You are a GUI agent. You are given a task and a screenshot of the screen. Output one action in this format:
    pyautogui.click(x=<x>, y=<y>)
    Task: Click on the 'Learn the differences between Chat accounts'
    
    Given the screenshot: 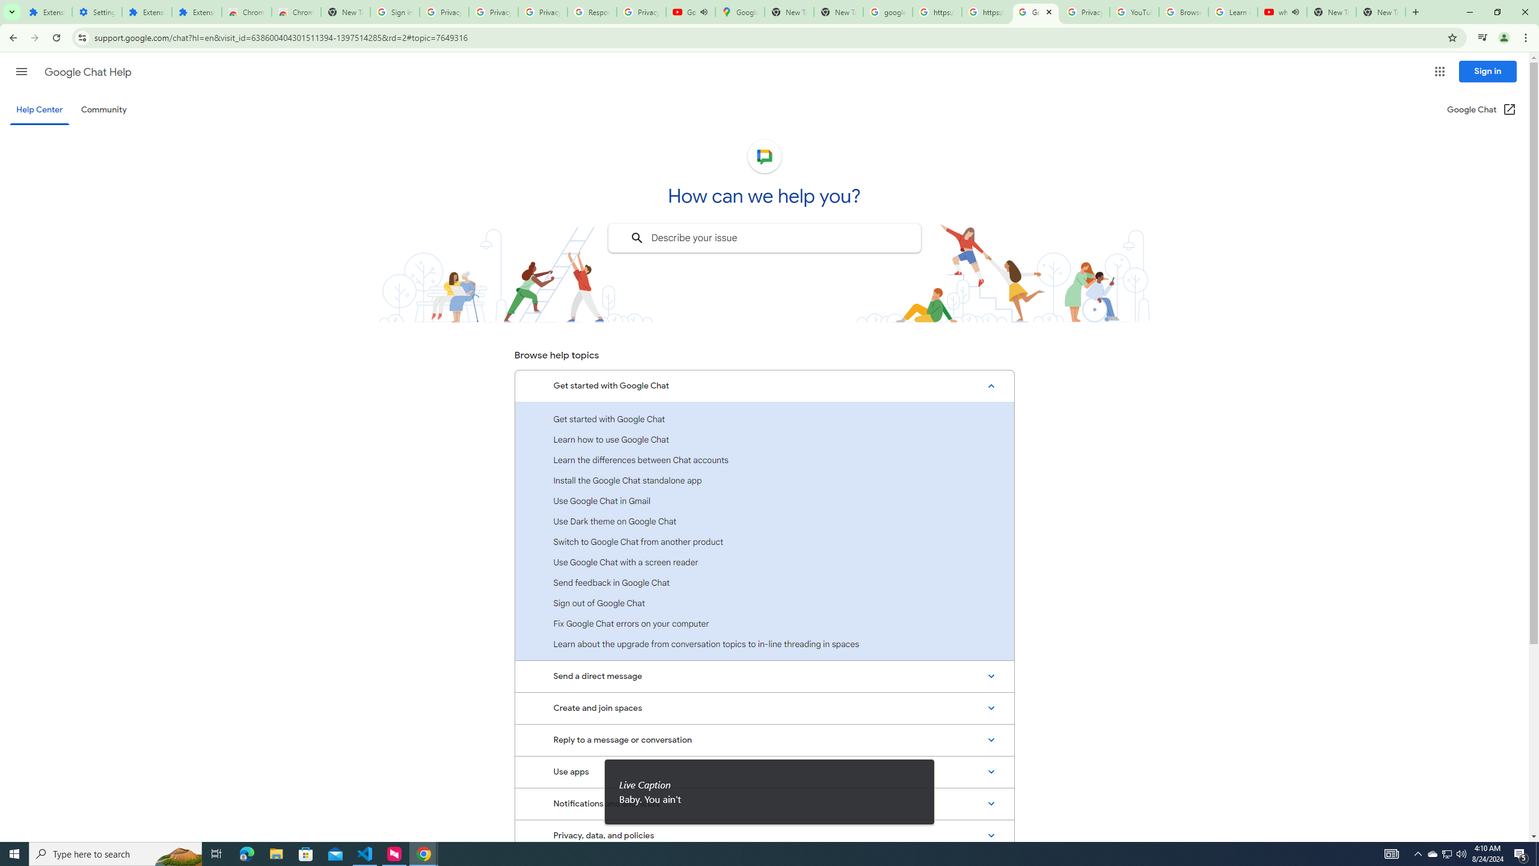 What is the action you would take?
    pyautogui.click(x=764, y=459)
    